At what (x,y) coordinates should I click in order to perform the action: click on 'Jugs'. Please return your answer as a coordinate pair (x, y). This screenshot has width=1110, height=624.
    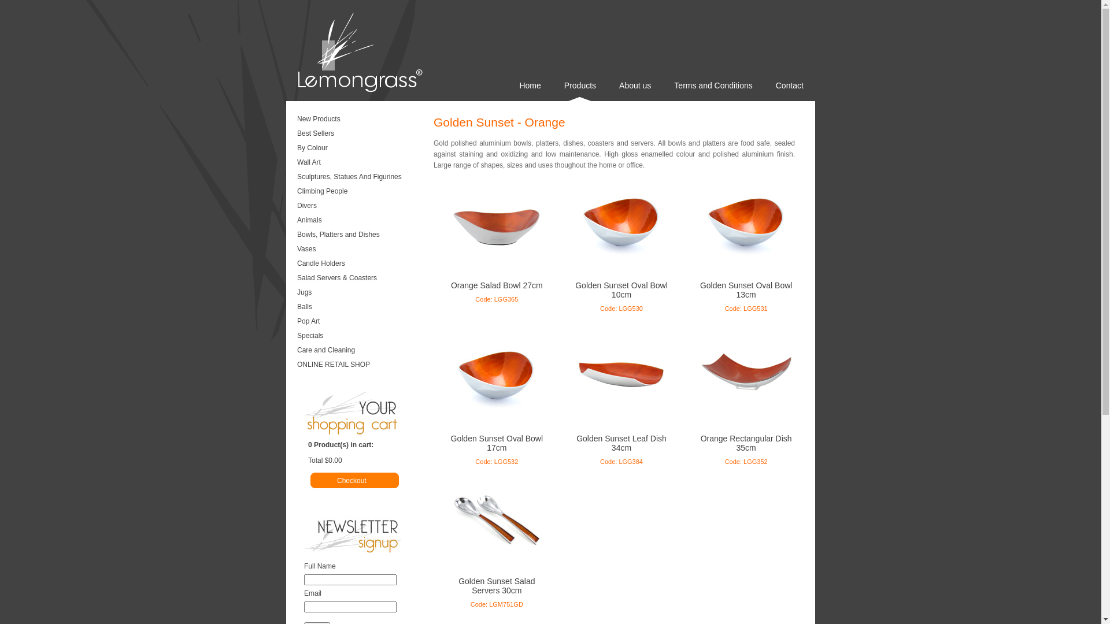
    Looking at the image, I should click on (294, 293).